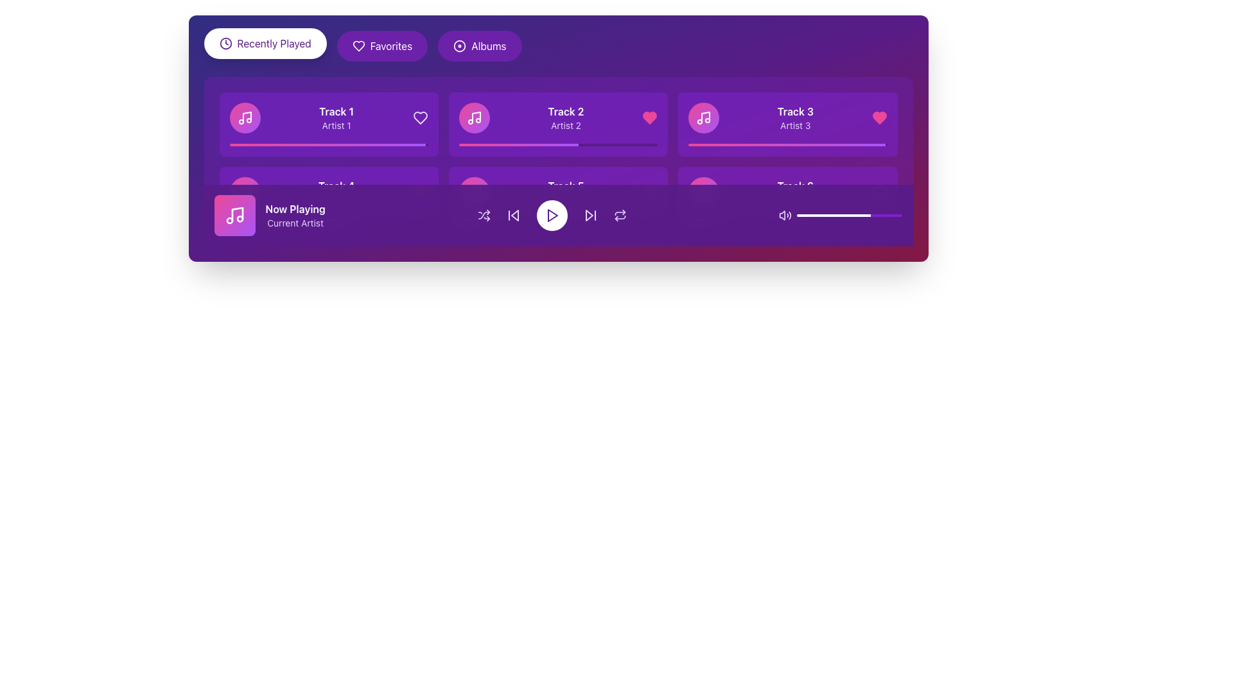  What do you see at coordinates (475, 117) in the screenshot?
I see `the thin vertical line resembling a music note's stem located within the circular music icon in the top left corner of the second card (Track 2, Artist 2)` at bounding box center [475, 117].